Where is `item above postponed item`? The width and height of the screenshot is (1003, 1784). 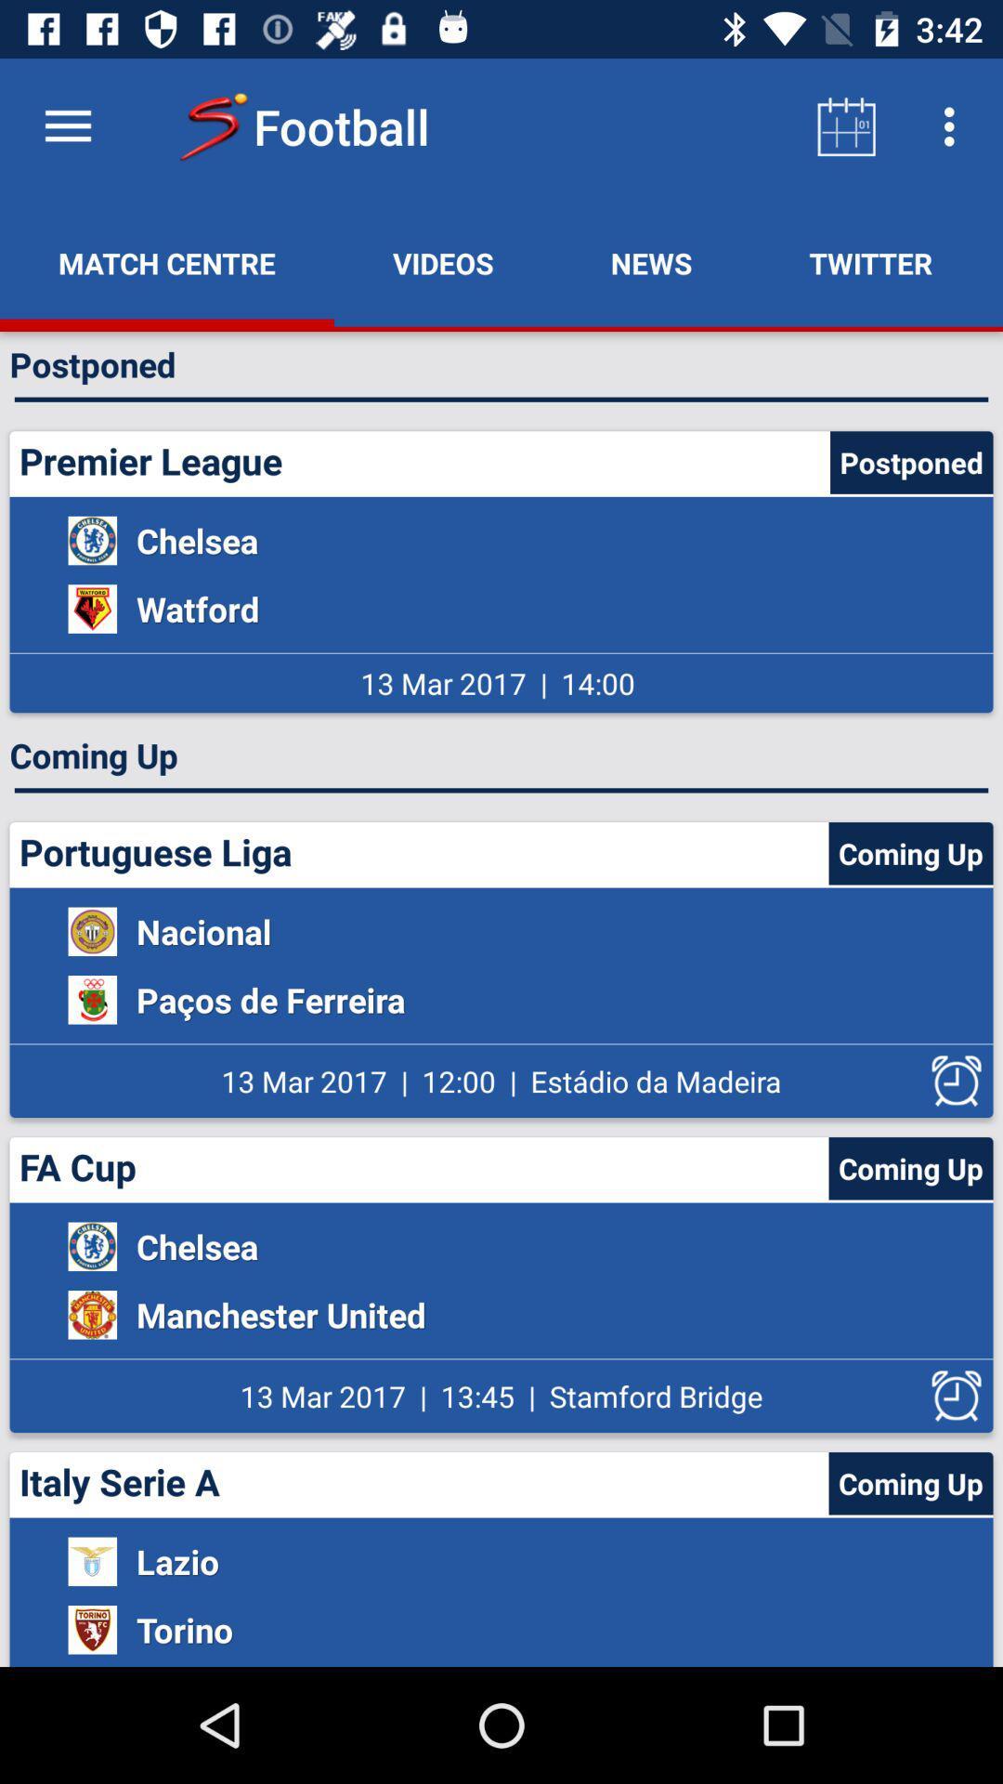 item above postponed item is located at coordinates (443, 262).